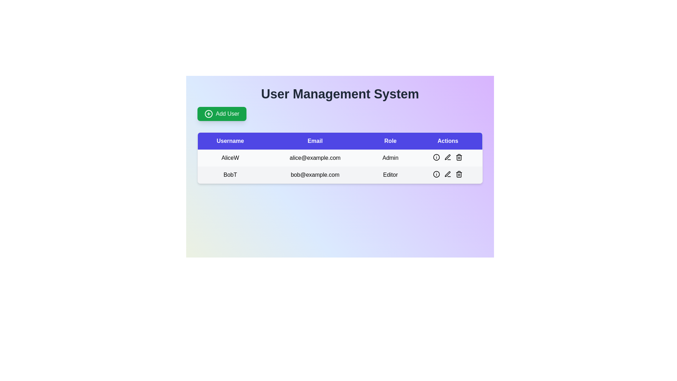 The height and width of the screenshot is (381, 677). I want to click on the edit icon button located in the Actions column of the second row of the user management table, so click(447, 174).